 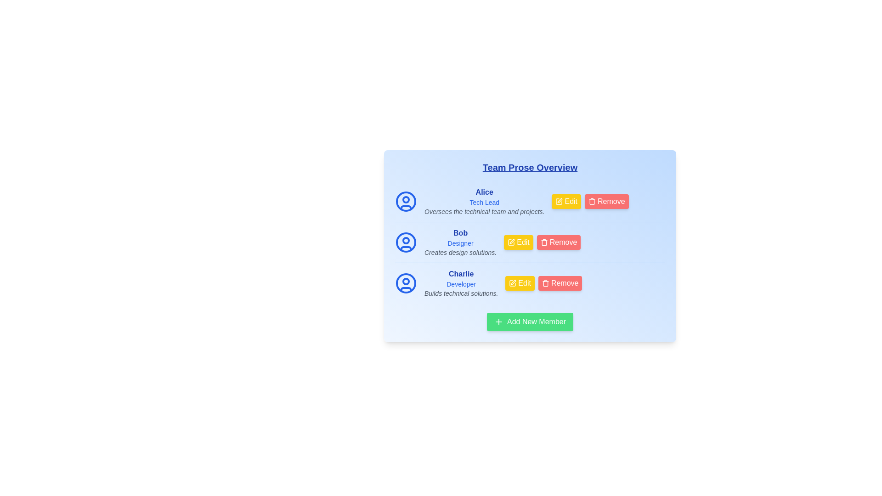 I want to click on the yellow 'Edit' button located in the interactive controls section for the team member named 'Charlie', so click(x=530, y=282).